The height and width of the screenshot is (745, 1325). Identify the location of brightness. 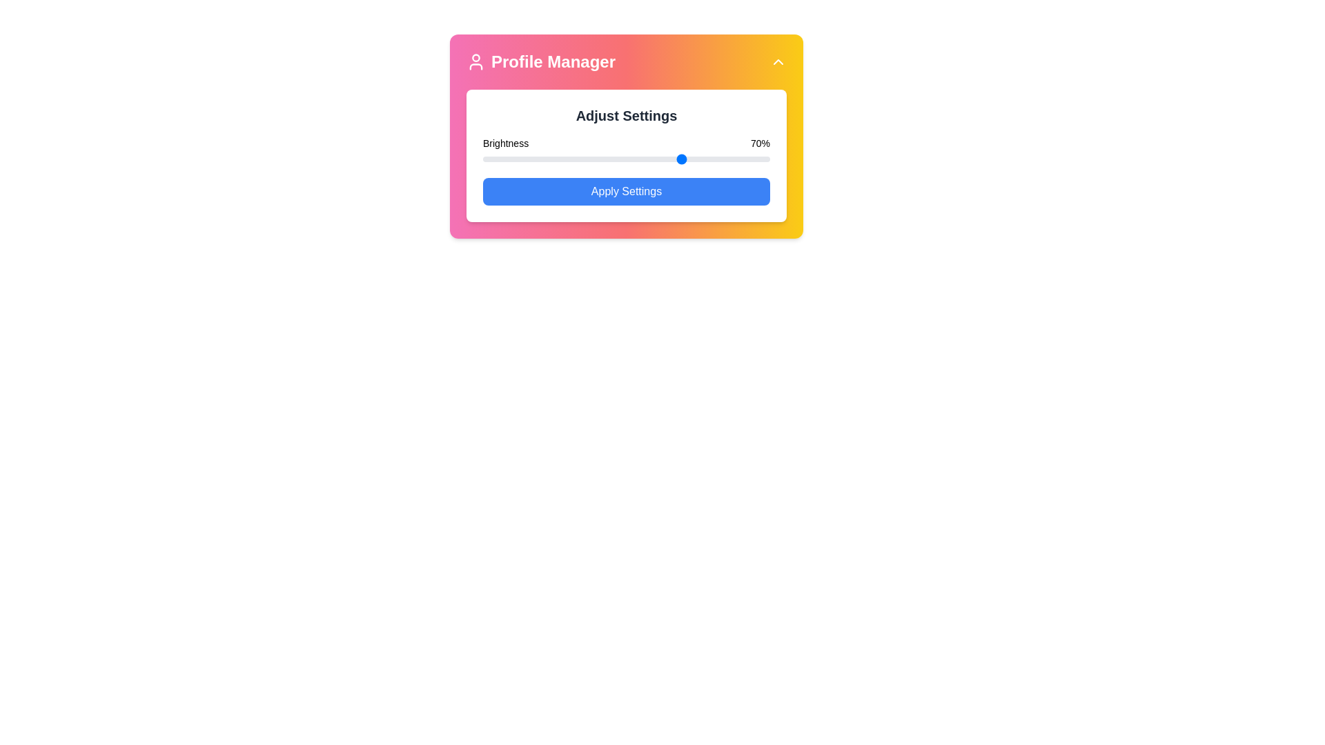
(664, 159).